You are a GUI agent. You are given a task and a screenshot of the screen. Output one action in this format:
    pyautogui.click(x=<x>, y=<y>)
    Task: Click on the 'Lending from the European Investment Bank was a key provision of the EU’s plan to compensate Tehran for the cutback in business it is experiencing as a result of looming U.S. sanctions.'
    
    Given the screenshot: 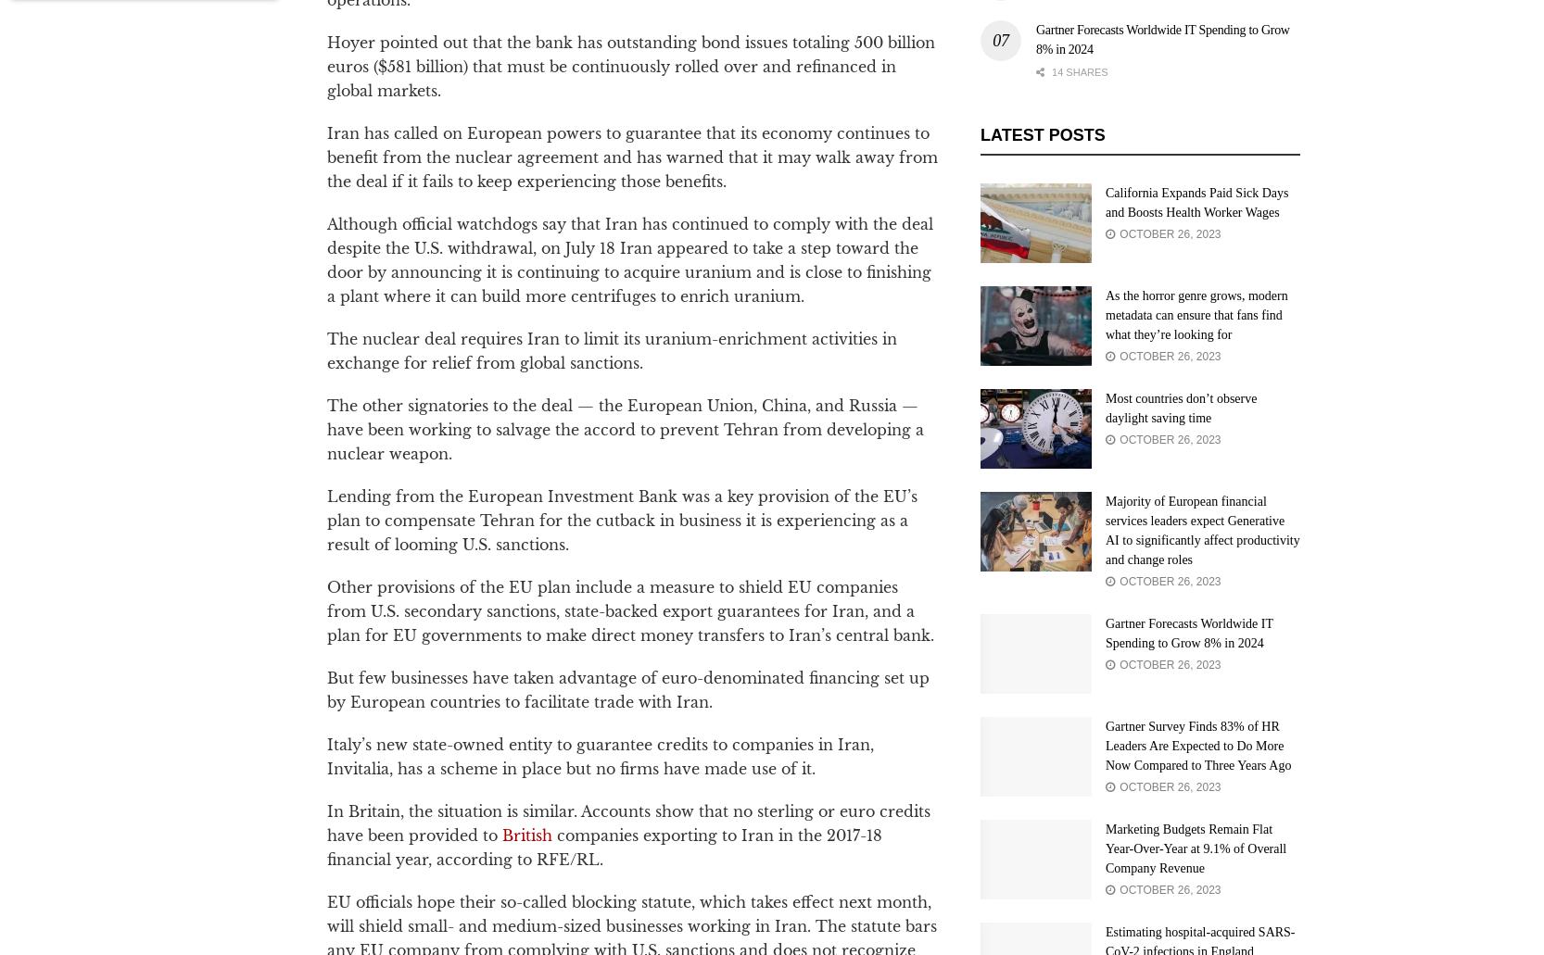 What is the action you would take?
    pyautogui.click(x=621, y=518)
    